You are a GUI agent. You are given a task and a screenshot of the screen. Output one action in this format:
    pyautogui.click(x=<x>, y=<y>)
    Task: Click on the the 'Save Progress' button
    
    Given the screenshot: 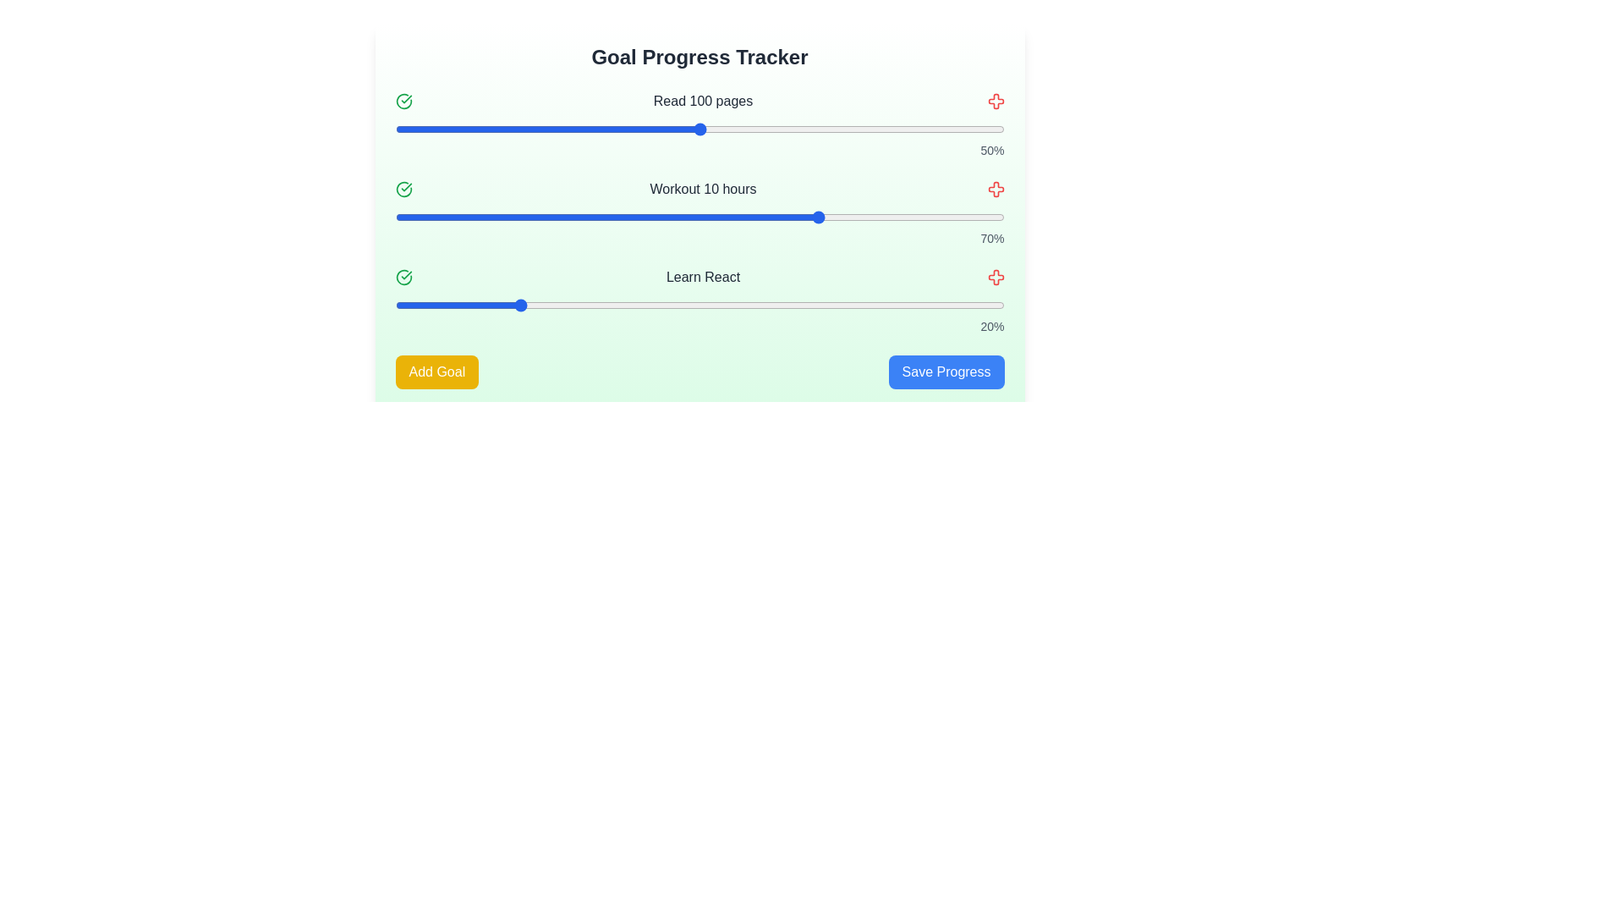 What is the action you would take?
    pyautogui.click(x=945, y=371)
    